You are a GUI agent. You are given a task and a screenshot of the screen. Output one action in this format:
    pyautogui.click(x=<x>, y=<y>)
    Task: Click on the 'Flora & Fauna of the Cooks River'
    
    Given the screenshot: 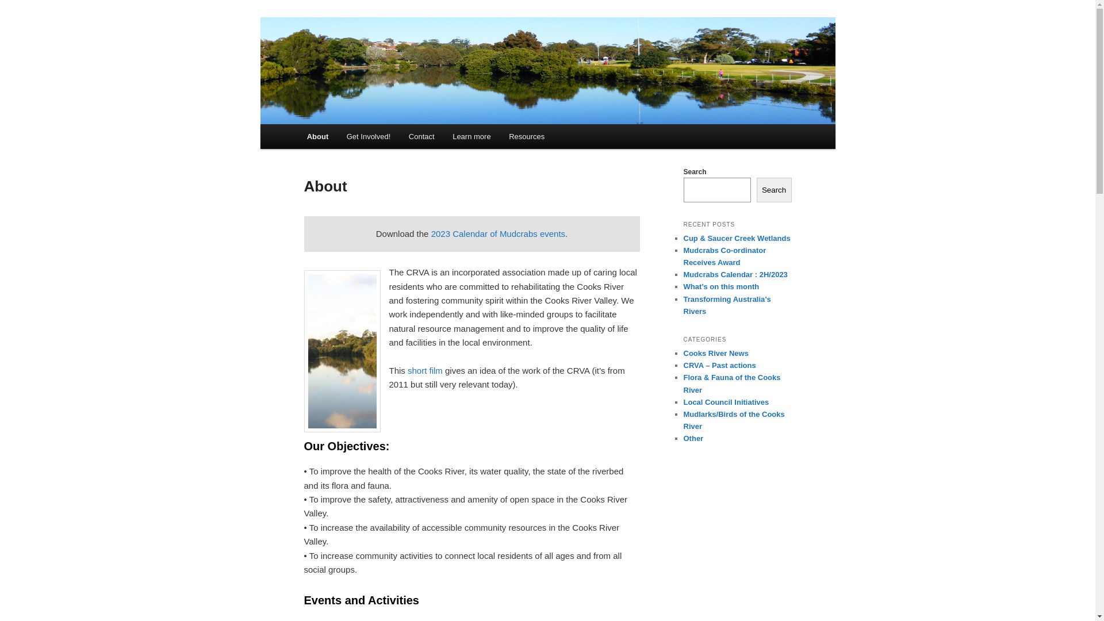 What is the action you would take?
    pyautogui.click(x=731, y=384)
    